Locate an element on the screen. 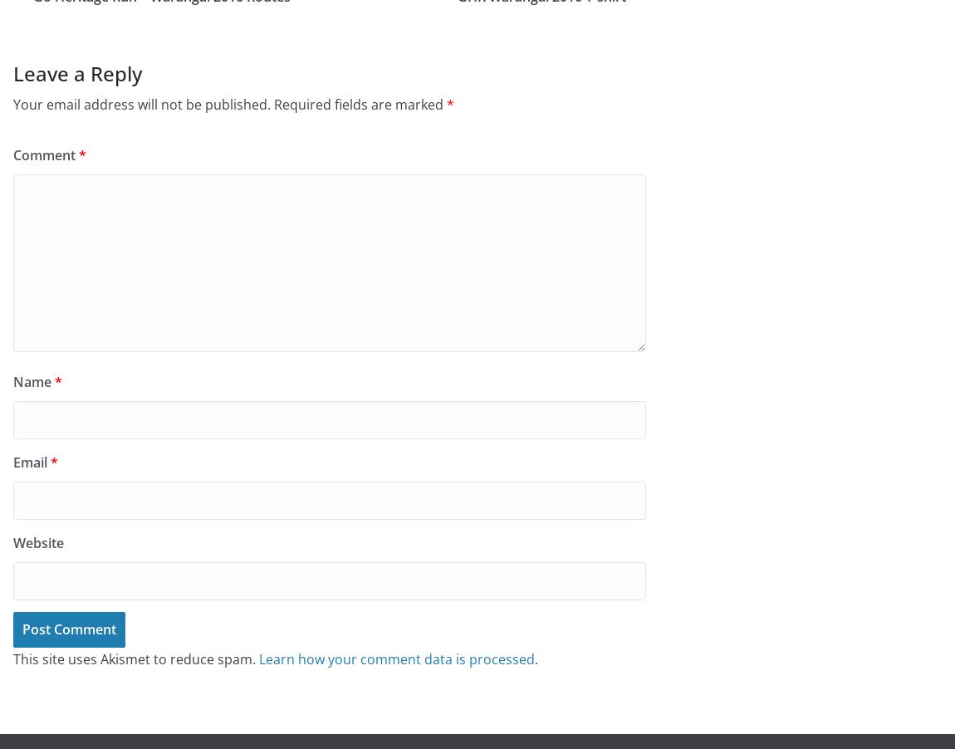 Image resolution: width=955 pixels, height=749 pixels. 'Learn how your comment data is processed' is located at coordinates (258, 658).